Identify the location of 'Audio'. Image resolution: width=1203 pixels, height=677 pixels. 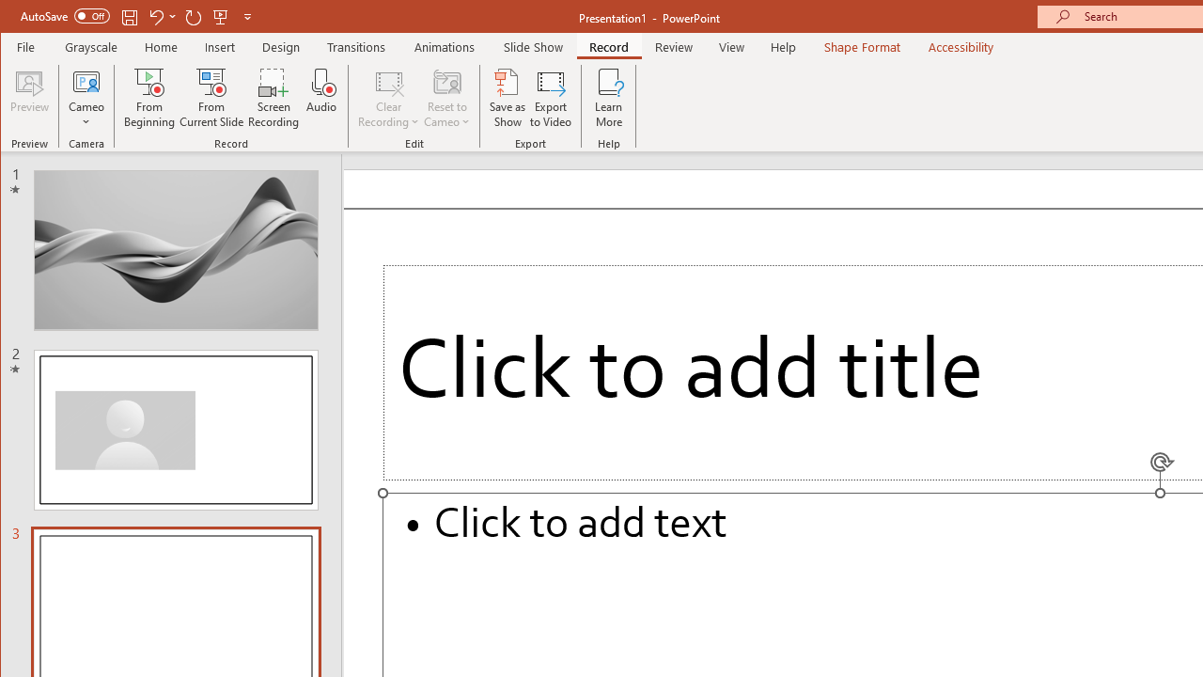
(321, 98).